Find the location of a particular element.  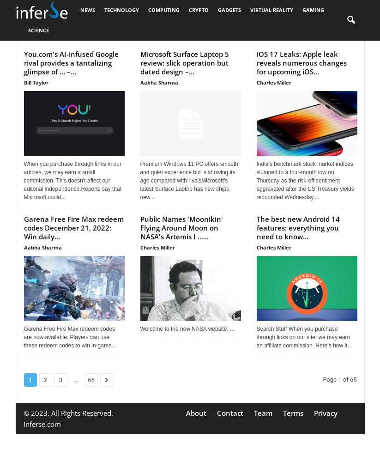

'Contact' is located at coordinates (216, 413).